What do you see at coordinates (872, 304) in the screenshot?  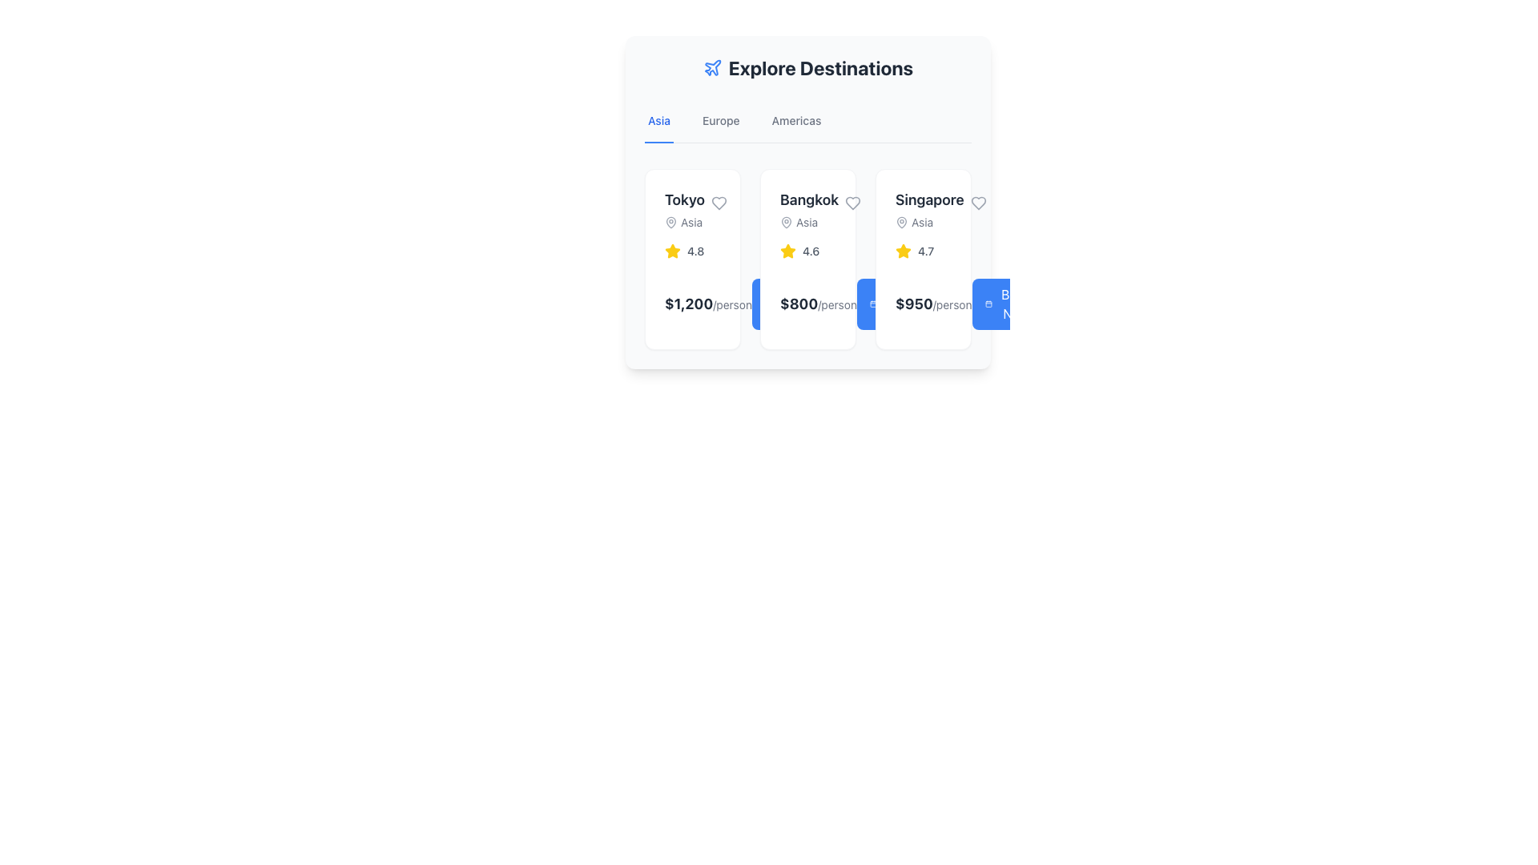 I see `SVG calendar icon located to the left of the 'Book Now' button in the bottom-right corner of the travel destination card for Singapore` at bounding box center [872, 304].